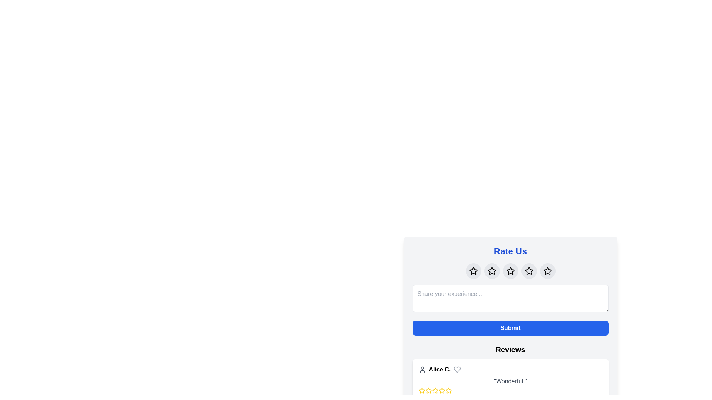 The height and width of the screenshot is (400, 712). I want to click on the star icon representing a 5-star rating in the rating system located at the rightmost end of the row in the 'Reviews' section below the review 'Wonderful!' by user 'Alice C.', so click(448, 390).